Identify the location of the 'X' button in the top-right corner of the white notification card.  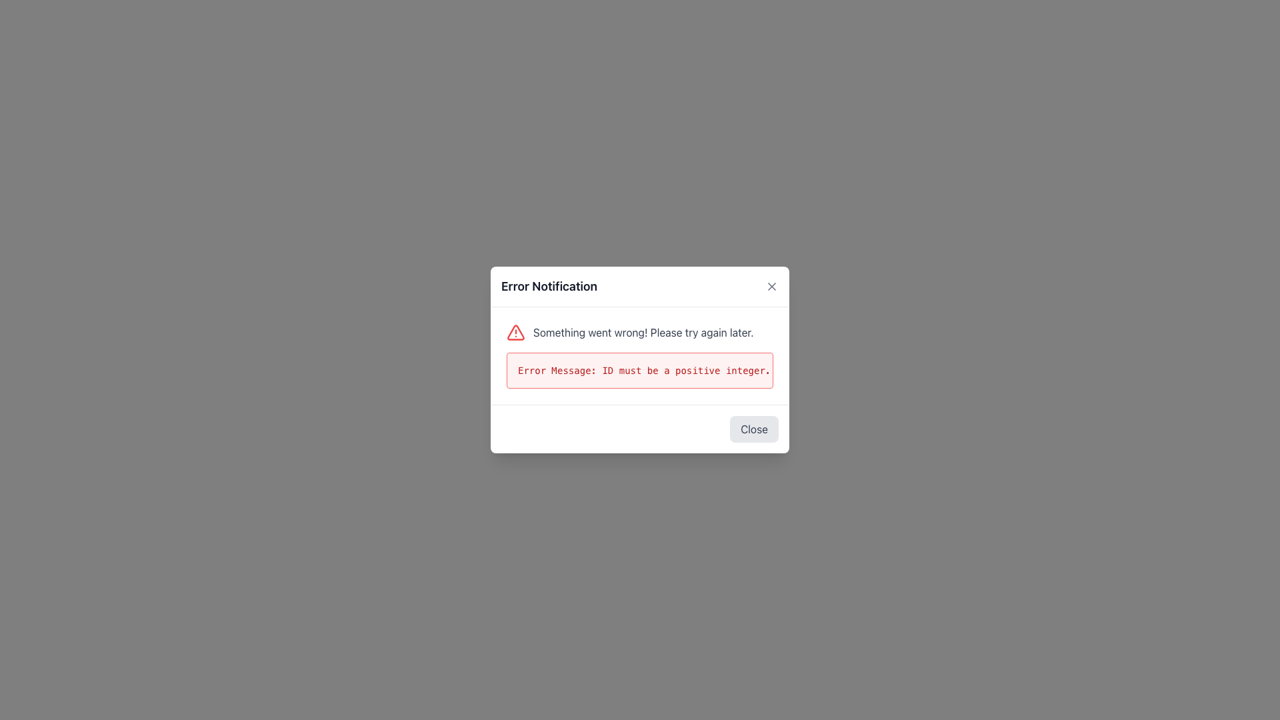
(771, 285).